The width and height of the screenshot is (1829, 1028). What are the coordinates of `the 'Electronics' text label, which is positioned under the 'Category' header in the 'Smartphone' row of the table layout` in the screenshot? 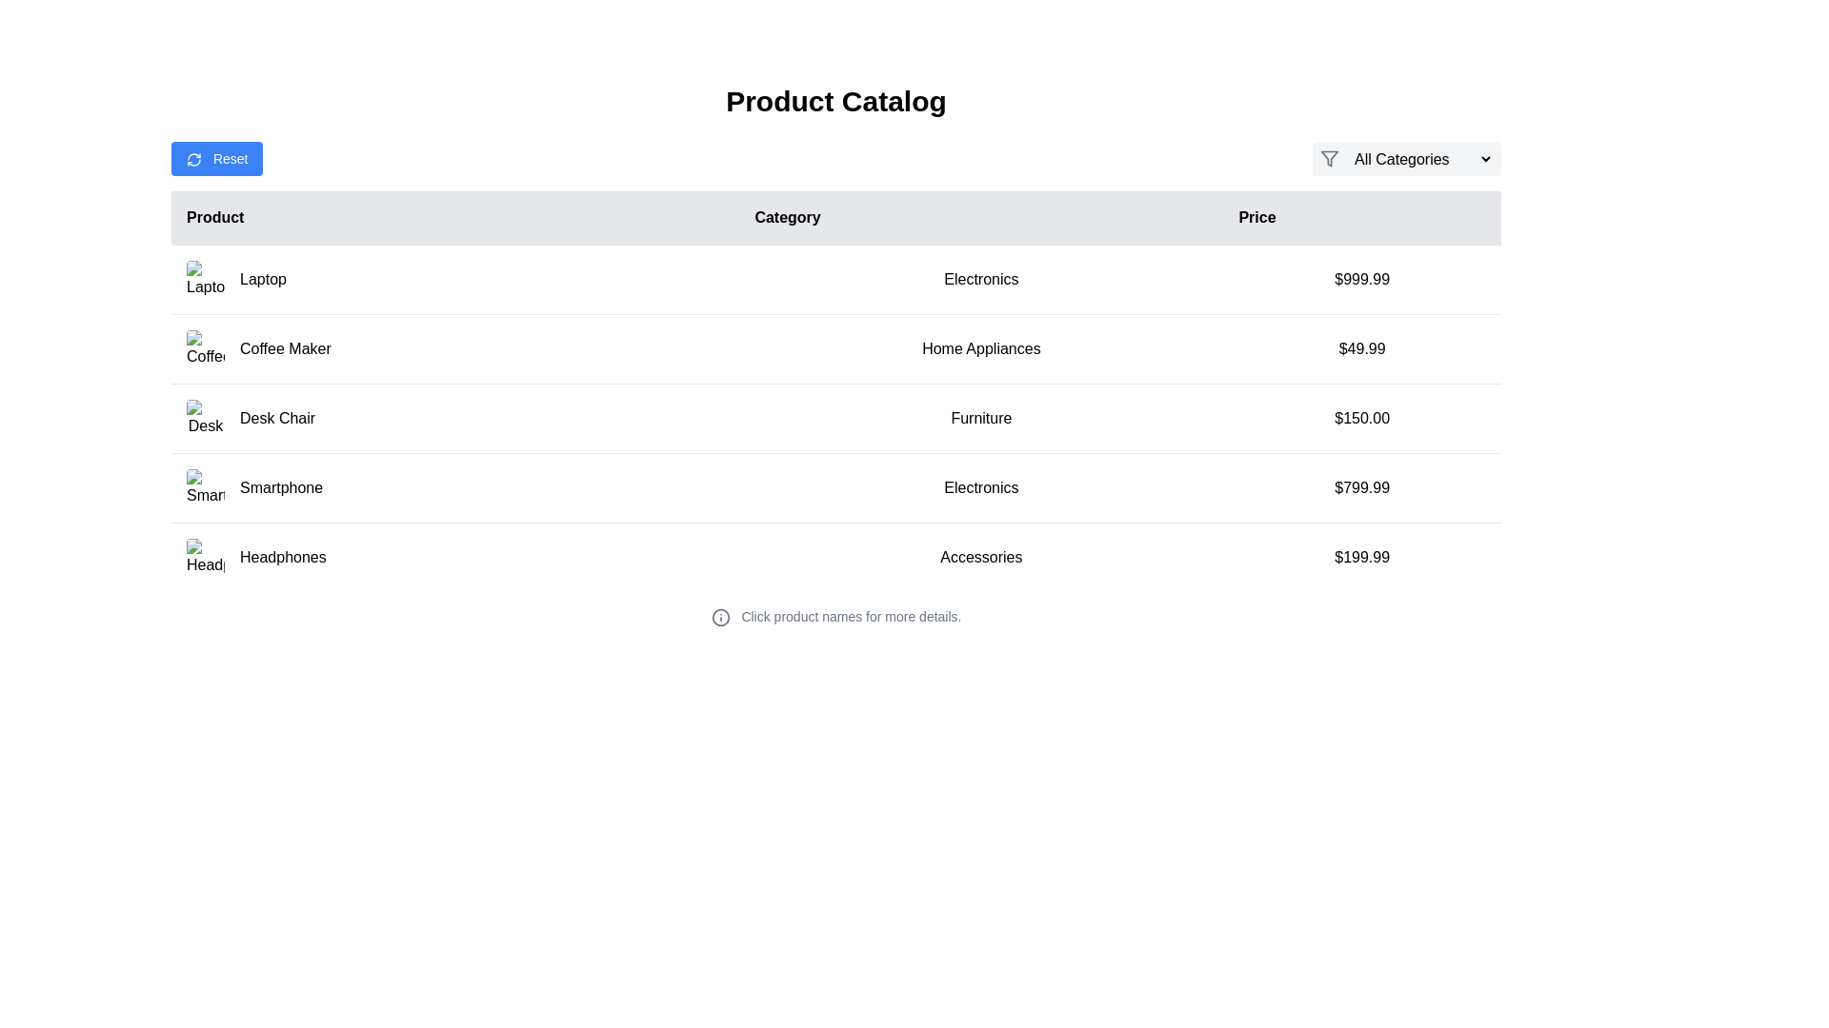 It's located at (981, 487).